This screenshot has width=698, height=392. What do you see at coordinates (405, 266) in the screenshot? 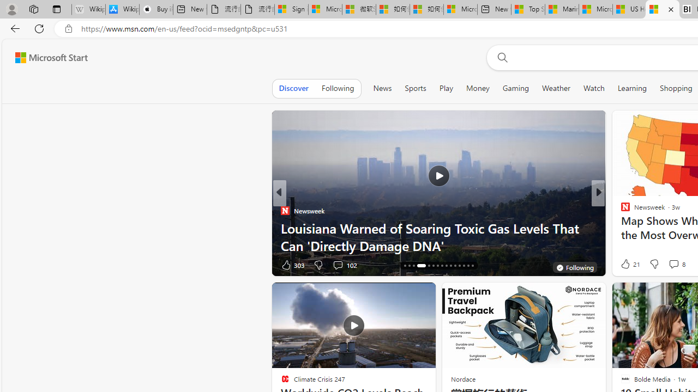
I see `'AutomationID: tab-16'` at bounding box center [405, 266].